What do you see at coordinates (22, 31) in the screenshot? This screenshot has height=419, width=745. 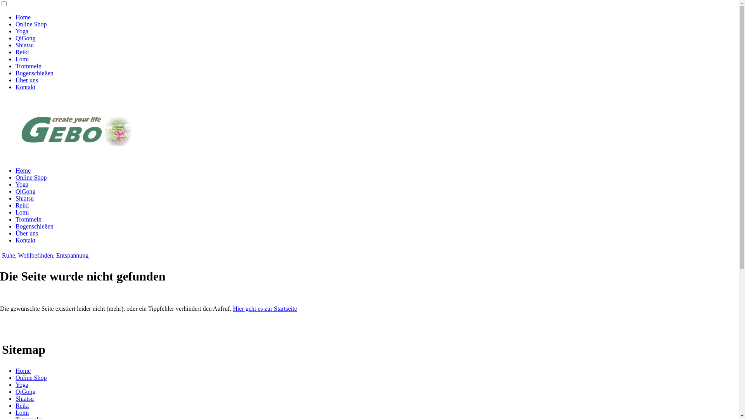 I see `'Yoga'` at bounding box center [22, 31].